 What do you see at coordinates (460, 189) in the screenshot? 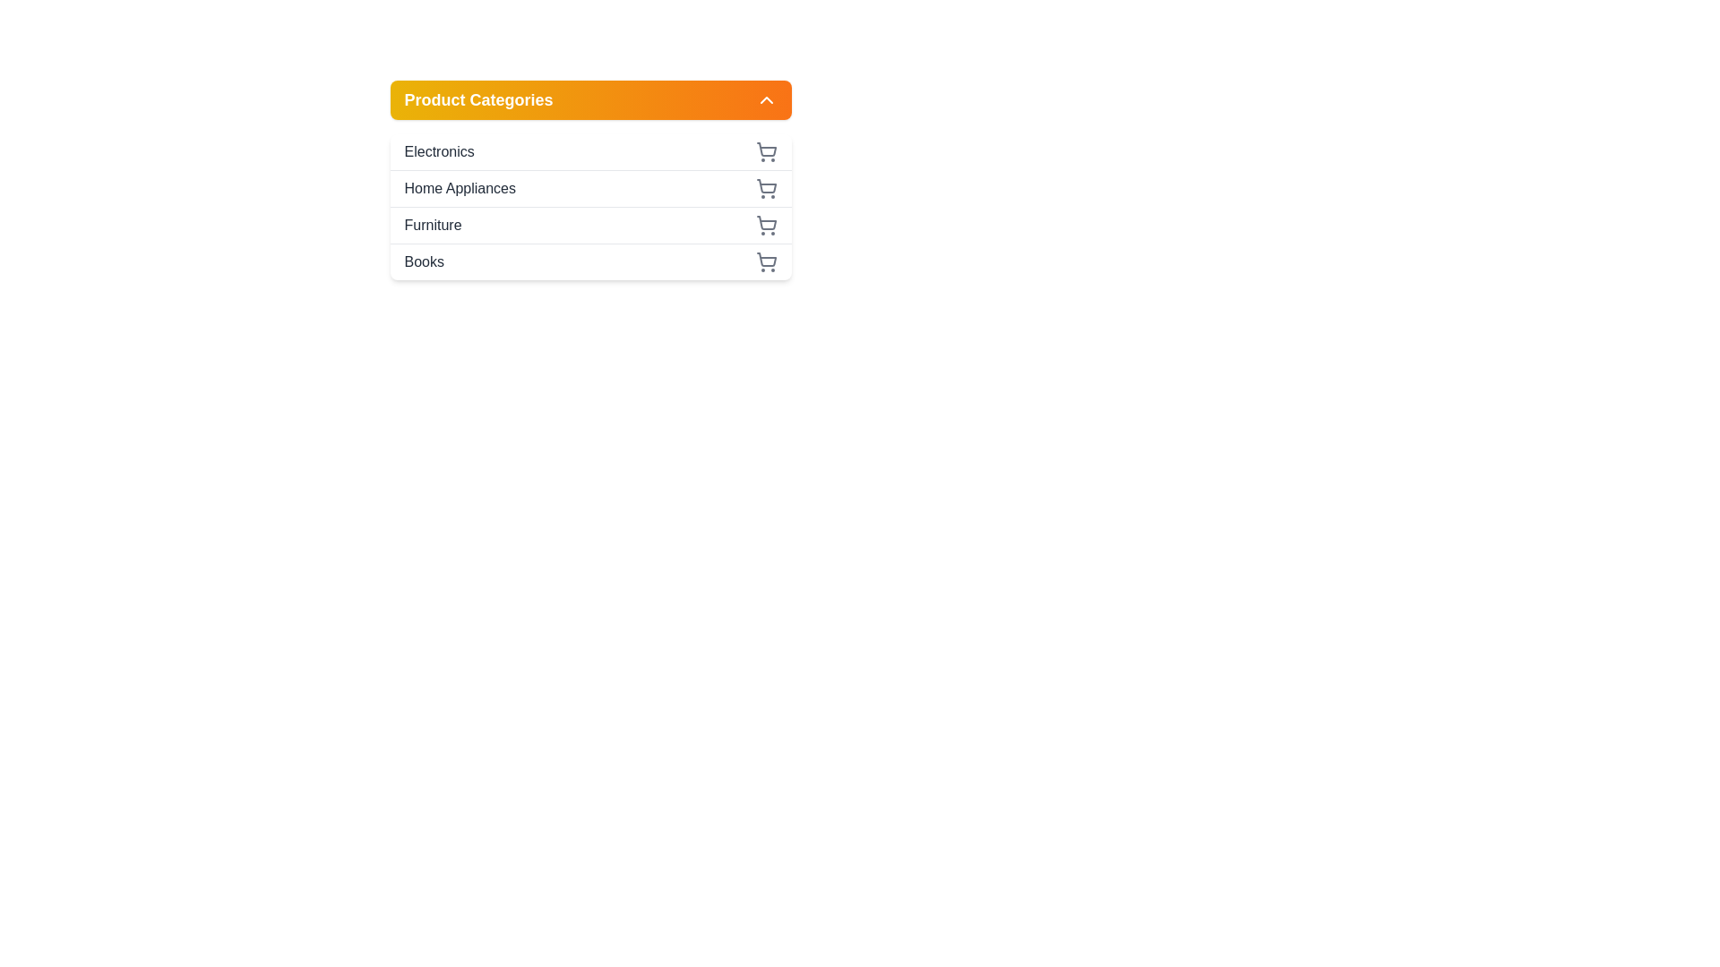
I see `the 'Home Appliances' text label, which is displayed in medium font size and dark gray color, located under the 'Product Categories' dropdown menu` at bounding box center [460, 189].